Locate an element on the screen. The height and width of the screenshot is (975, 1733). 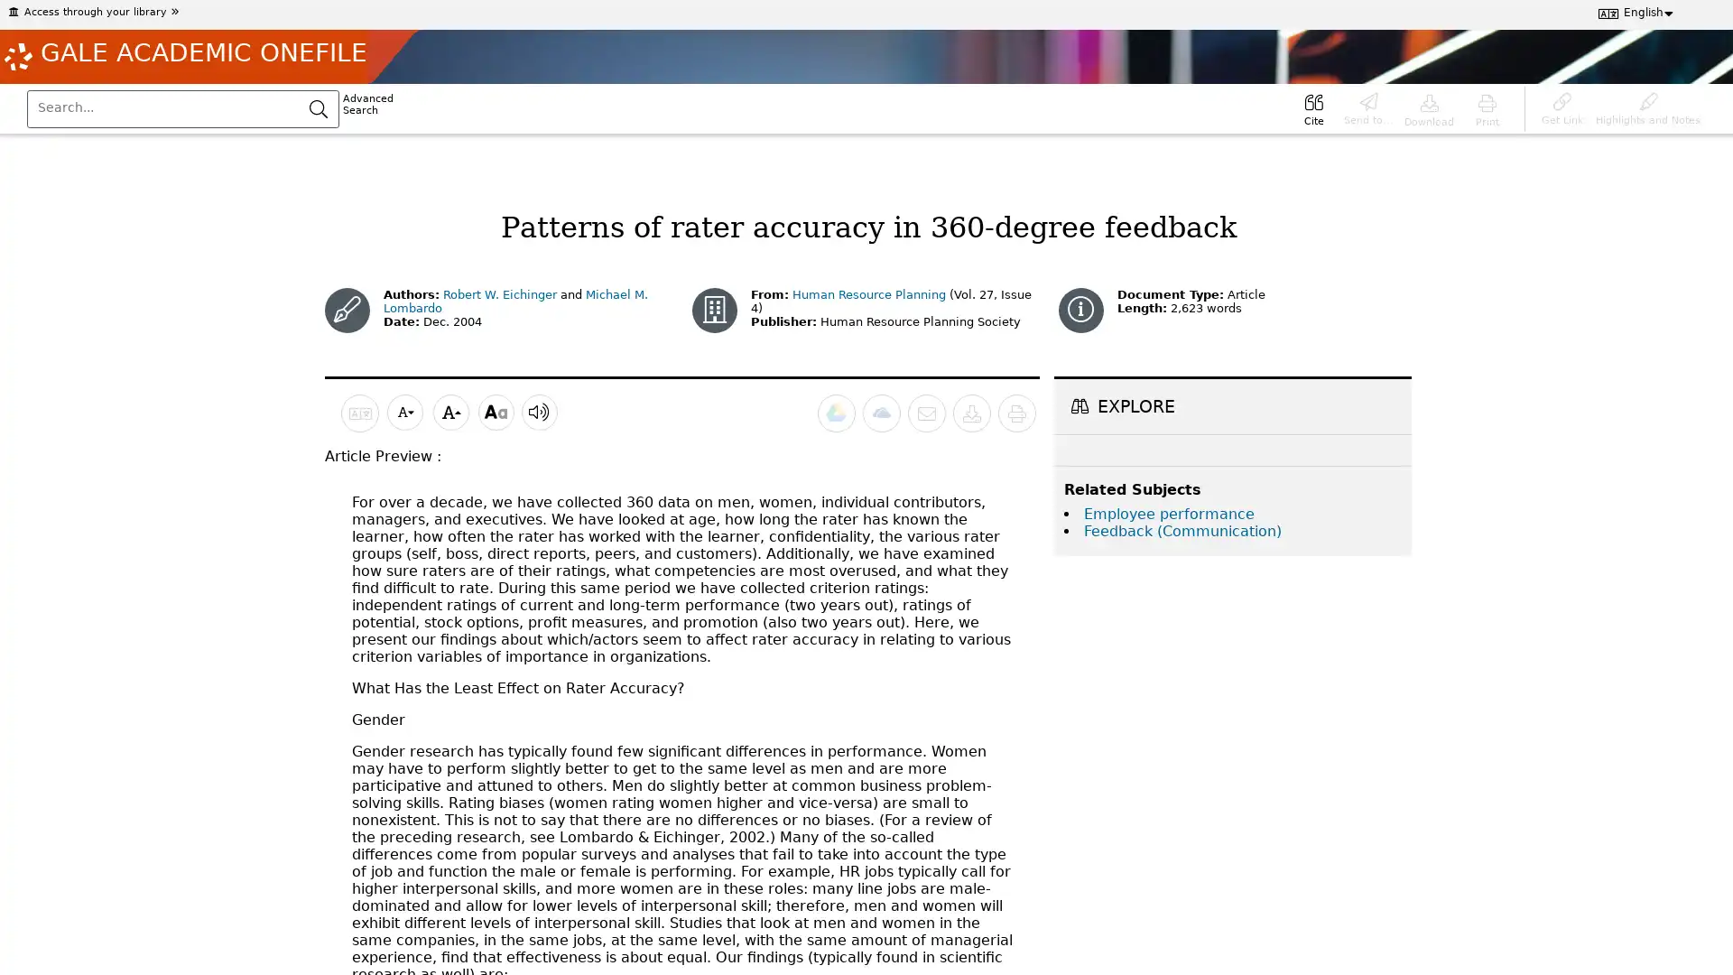
Get Link is located at coordinates (1562, 107).